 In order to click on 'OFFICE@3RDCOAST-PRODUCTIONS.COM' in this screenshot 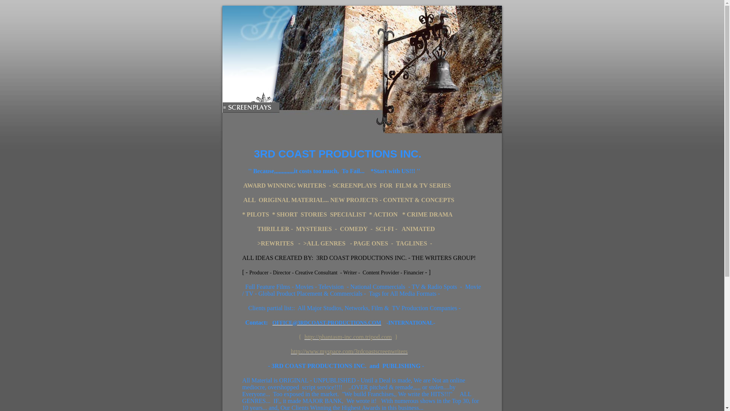, I will do `click(327, 322)`.